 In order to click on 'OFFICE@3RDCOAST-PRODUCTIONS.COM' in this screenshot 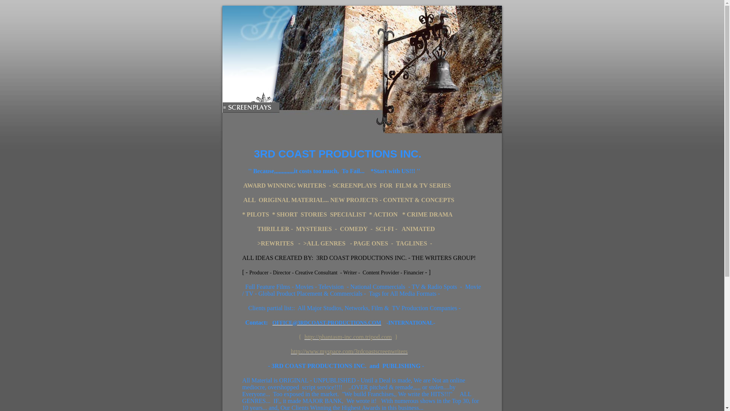, I will do `click(327, 322)`.